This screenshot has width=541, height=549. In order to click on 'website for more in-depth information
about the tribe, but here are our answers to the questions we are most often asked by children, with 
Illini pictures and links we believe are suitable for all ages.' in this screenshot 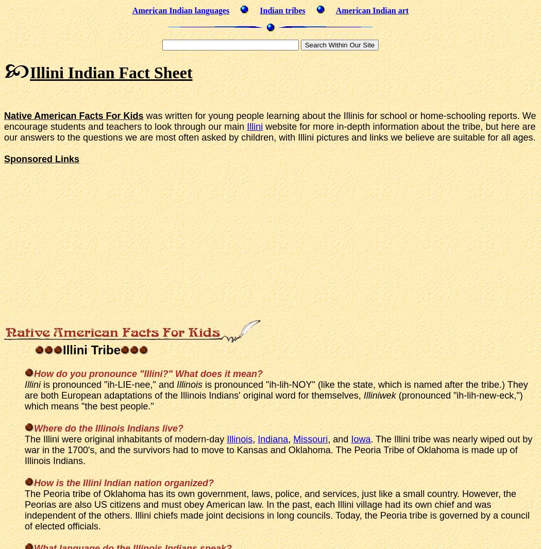, I will do `click(269, 131)`.